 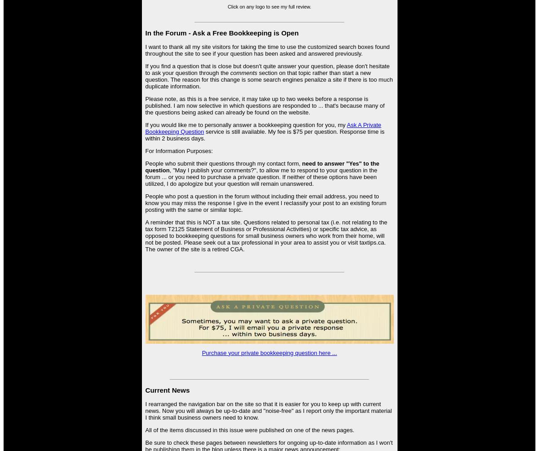 I want to click on 'service is still available. My fee is $75 per question. Response time is within 2 business days.', so click(x=145, y=134).